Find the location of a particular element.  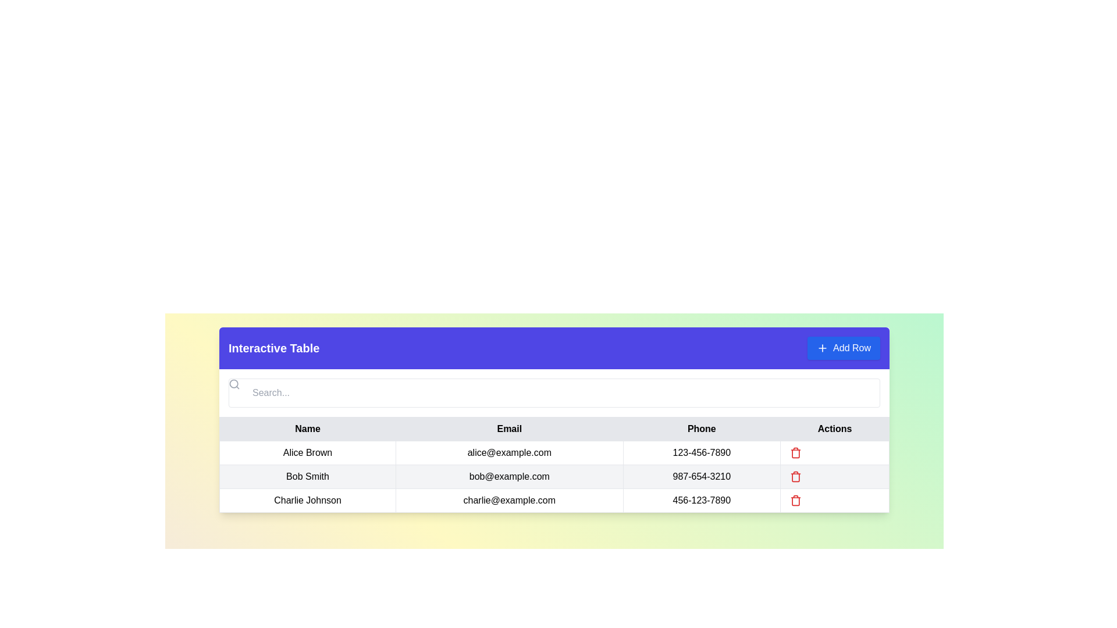

text from the column header labeled 'Phone Numbers' located in the header row of the table, third from the left is located at coordinates (701, 429).